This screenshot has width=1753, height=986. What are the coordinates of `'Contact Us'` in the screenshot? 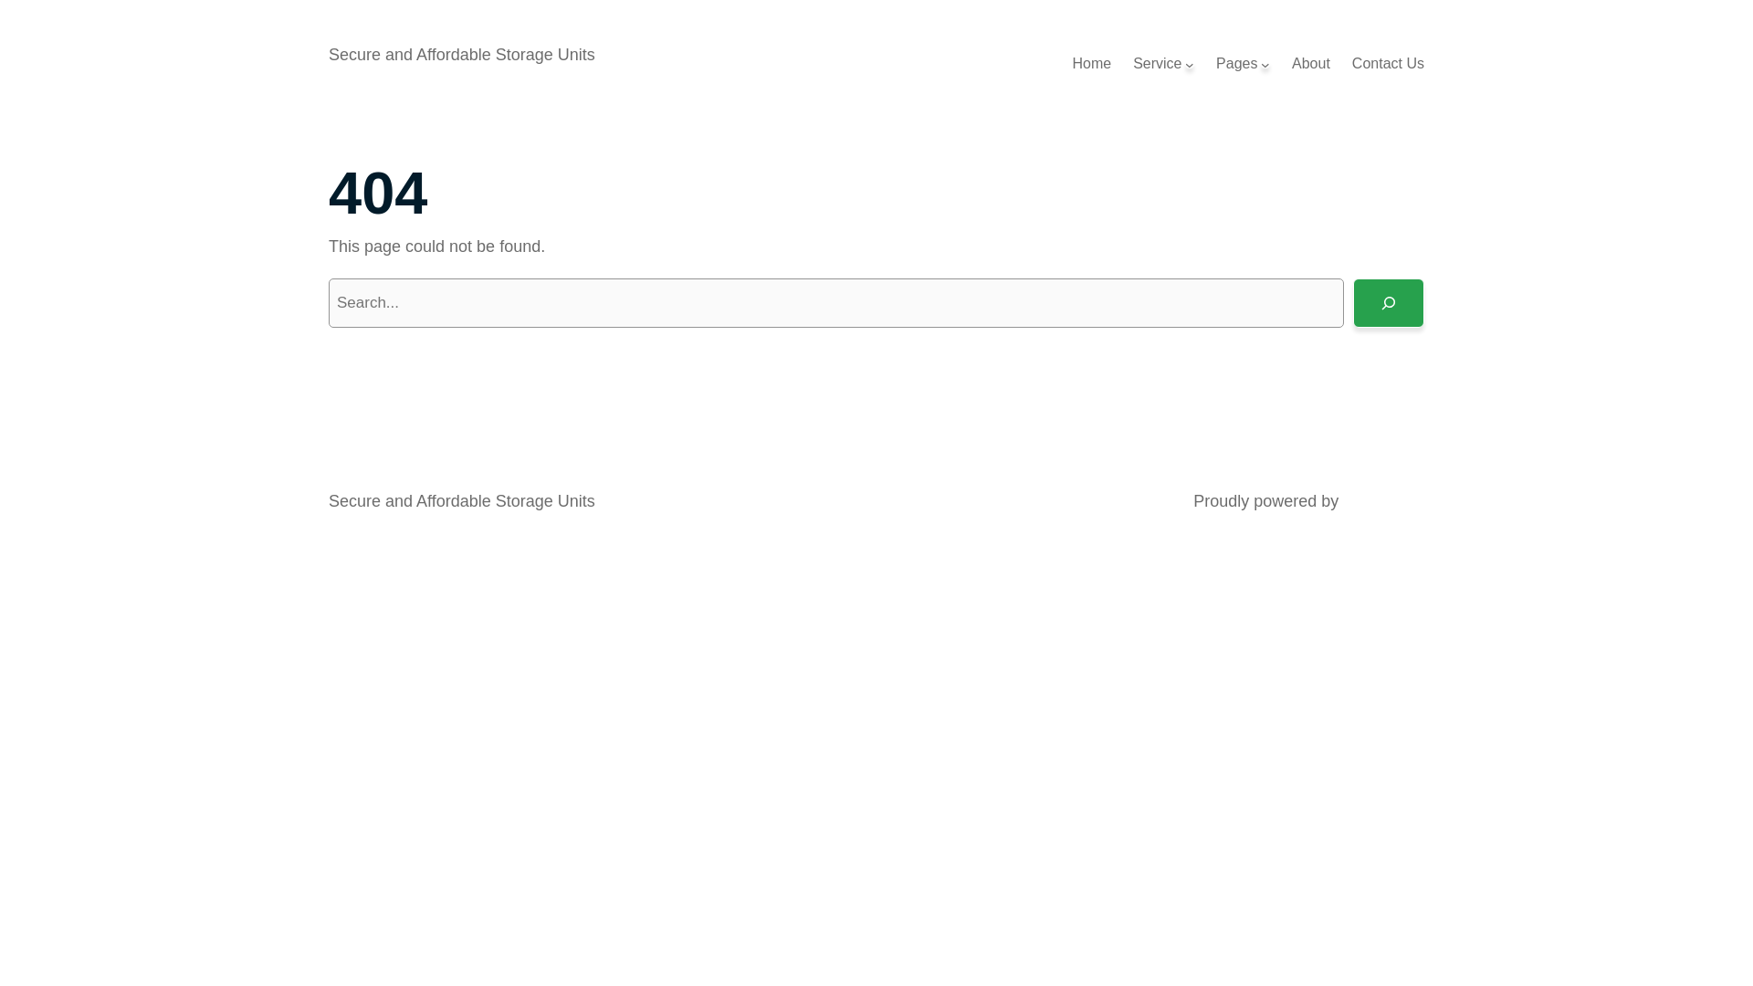 It's located at (1352, 63).